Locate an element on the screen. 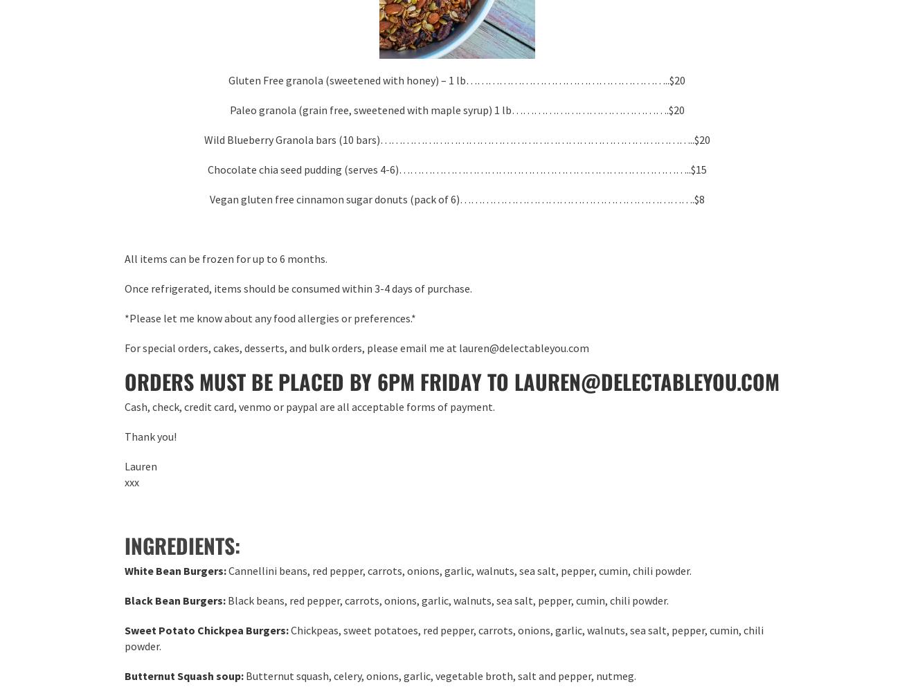  'Once refrigerated, items should be consumed within 3-4 days of purchase.' is located at coordinates (125, 288).